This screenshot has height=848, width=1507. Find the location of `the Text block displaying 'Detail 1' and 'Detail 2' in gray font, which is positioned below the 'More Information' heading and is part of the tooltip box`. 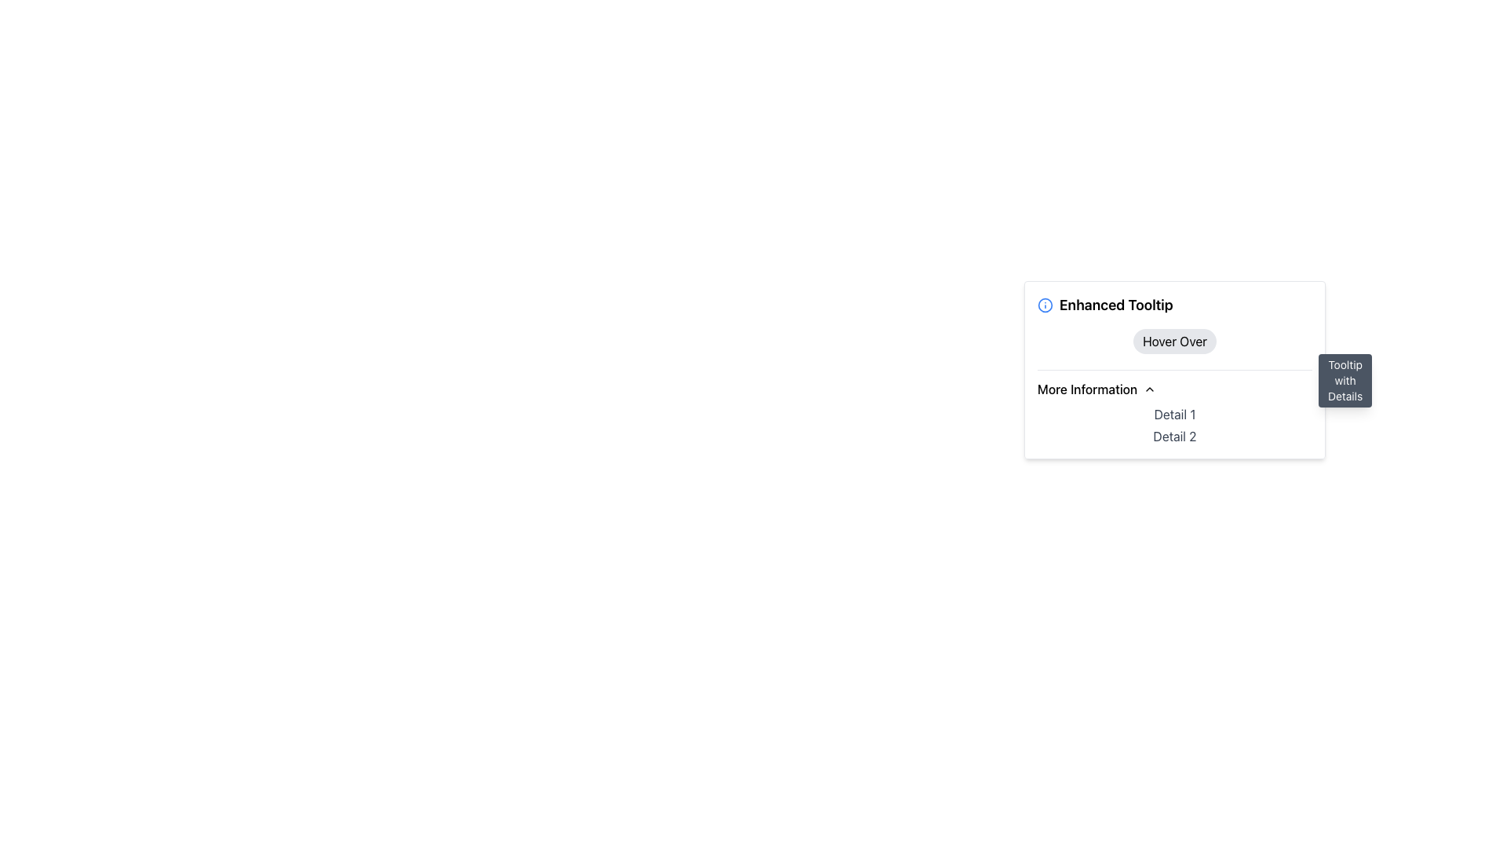

the Text block displaying 'Detail 1' and 'Detail 2' in gray font, which is positioned below the 'More Information' heading and is part of the tooltip box is located at coordinates (1175, 426).